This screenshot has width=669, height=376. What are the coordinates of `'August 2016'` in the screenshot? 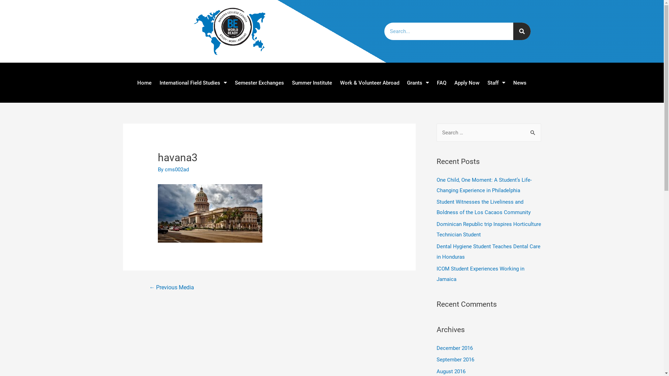 It's located at (451, 371).